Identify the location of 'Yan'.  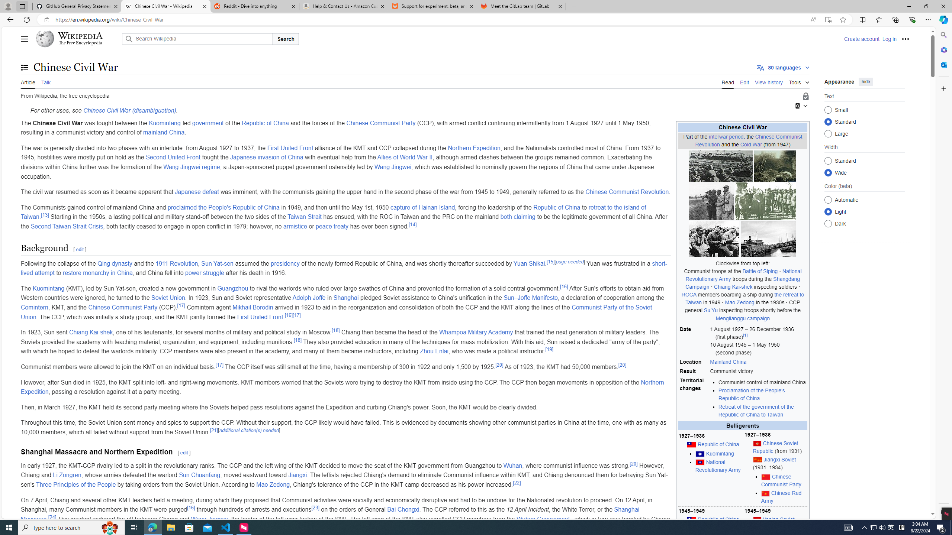
(779, 519).